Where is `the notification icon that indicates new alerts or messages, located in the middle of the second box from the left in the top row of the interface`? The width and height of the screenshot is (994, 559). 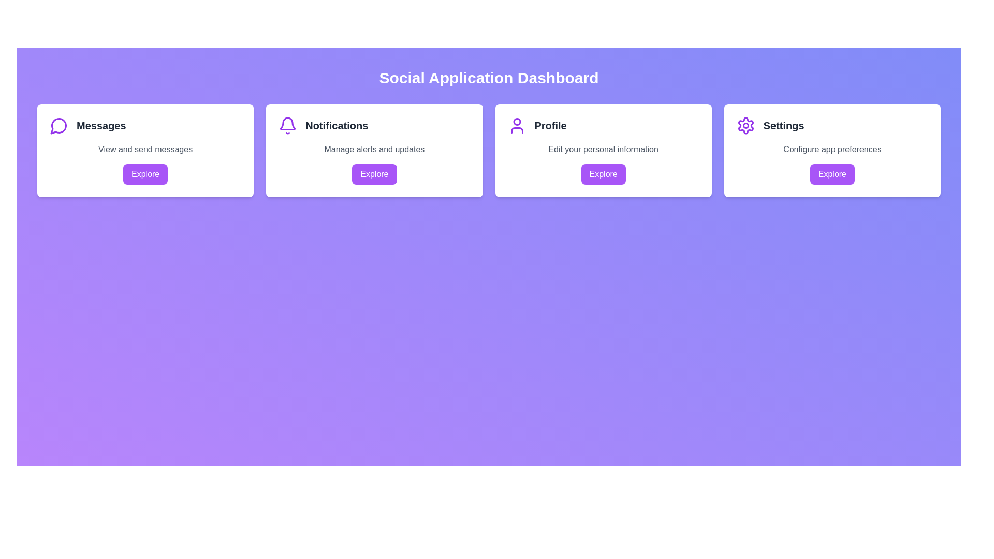 the notification icon that indicates new alerts or messages, located in the middle of the second box from the left in the top row of the interface is located at coordinates (288, 125).